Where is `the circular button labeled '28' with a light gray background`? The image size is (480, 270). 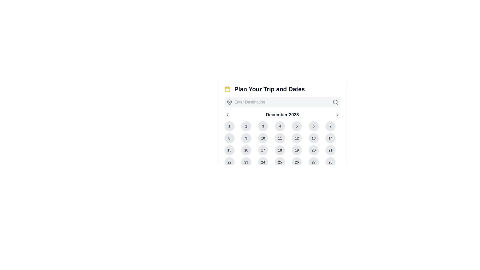 the circular button labeled '28' with a light gray background is located at coordinates (330, 162).